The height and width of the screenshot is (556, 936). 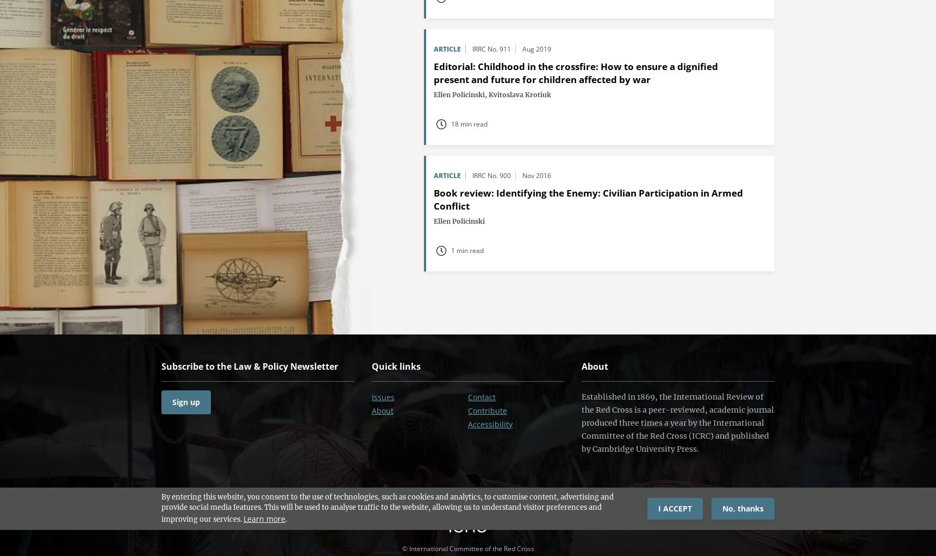 I want to click on 'Subscribe to the Law & Policy Newsletter', so click(x=249, y=366).